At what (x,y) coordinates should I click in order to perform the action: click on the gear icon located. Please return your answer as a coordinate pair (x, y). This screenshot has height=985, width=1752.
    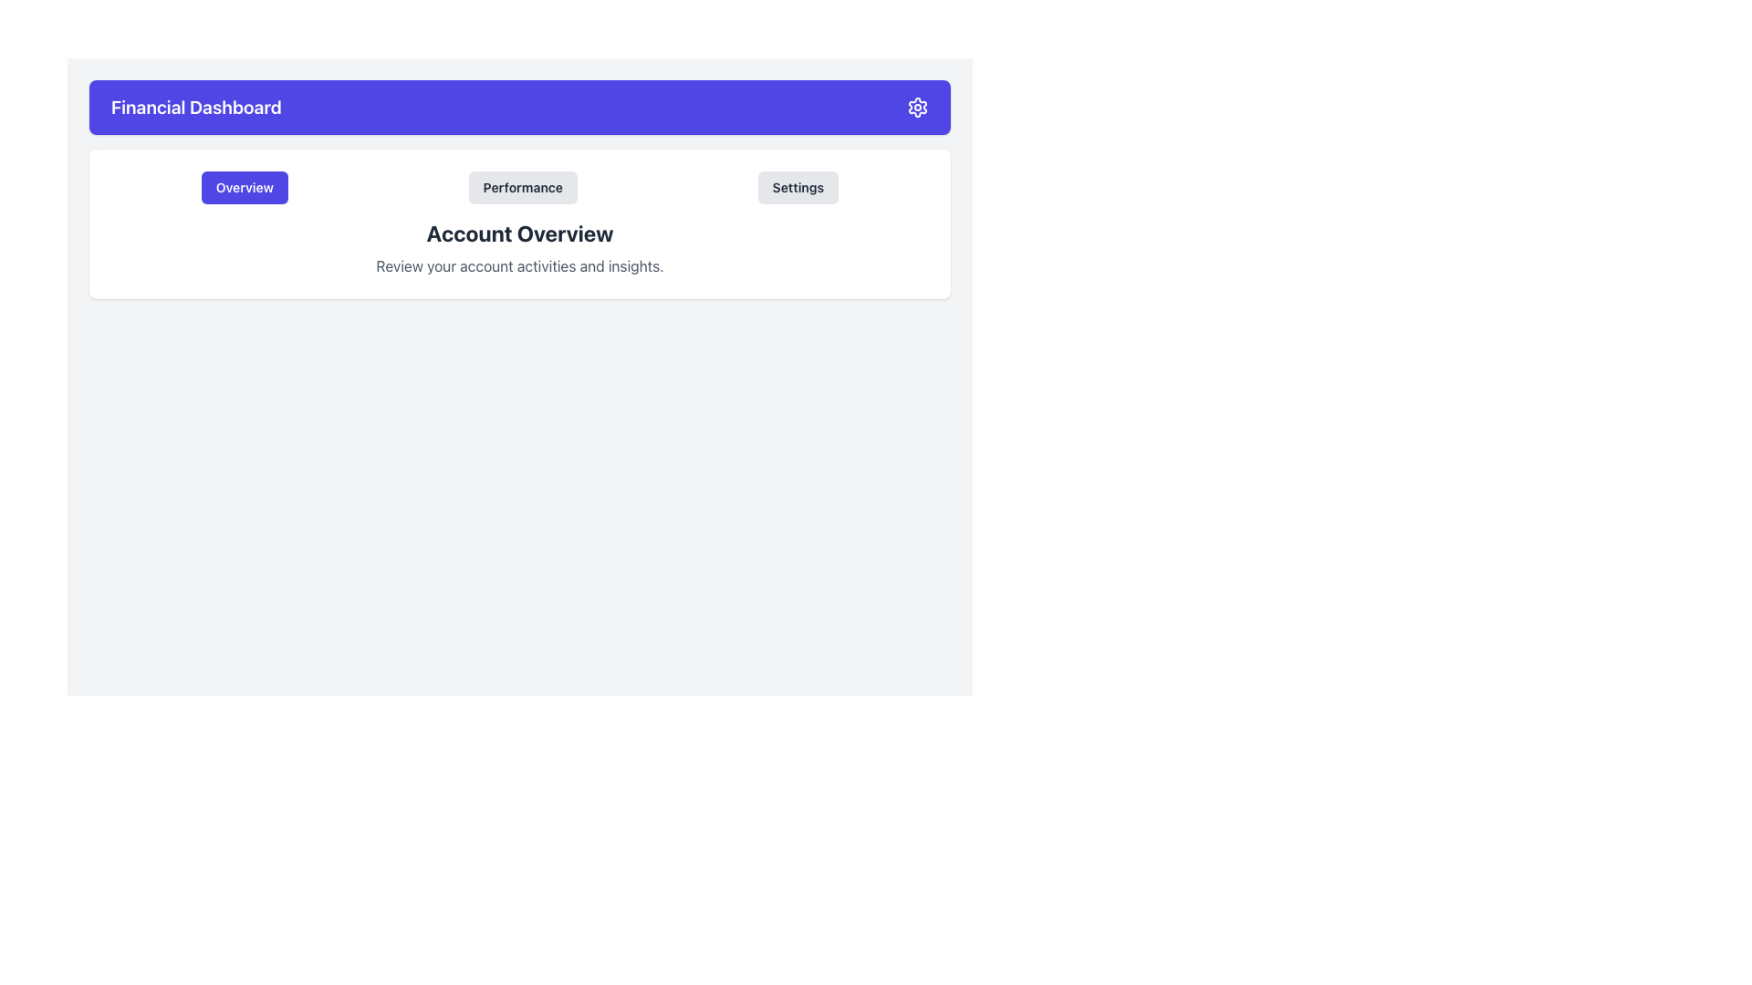
    Looking at the image, I should click on (918, 108).